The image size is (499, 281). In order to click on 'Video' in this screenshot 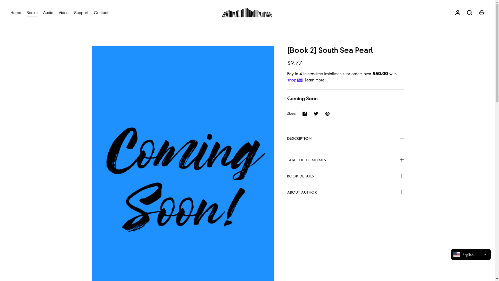, I will do `click(63, 12)`.